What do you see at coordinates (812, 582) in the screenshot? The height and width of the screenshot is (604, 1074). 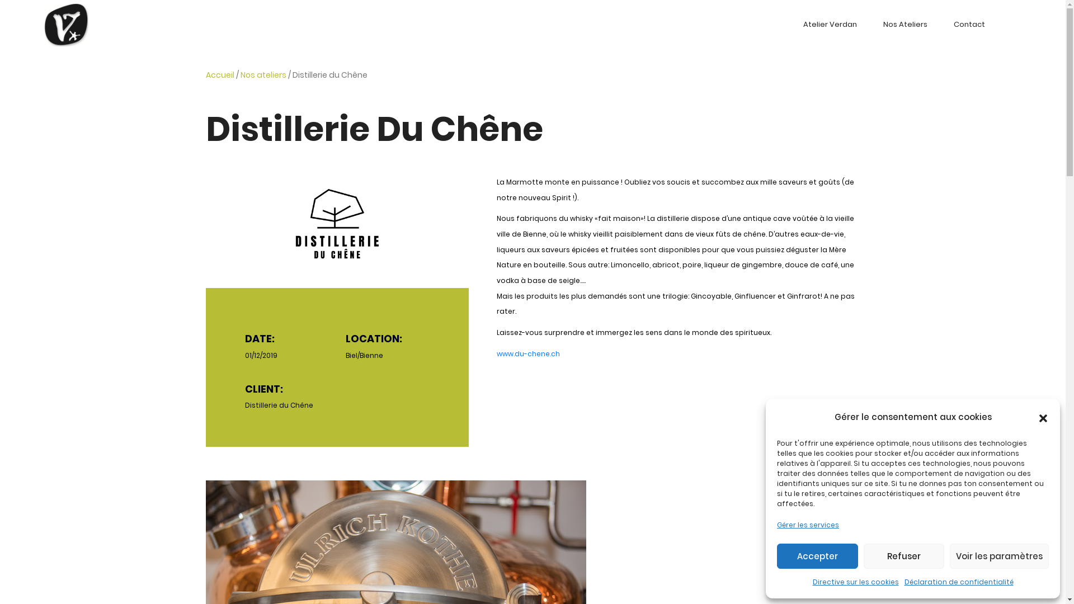 I see `'Directive sur les cookies'` at bounding box center [812, 582].